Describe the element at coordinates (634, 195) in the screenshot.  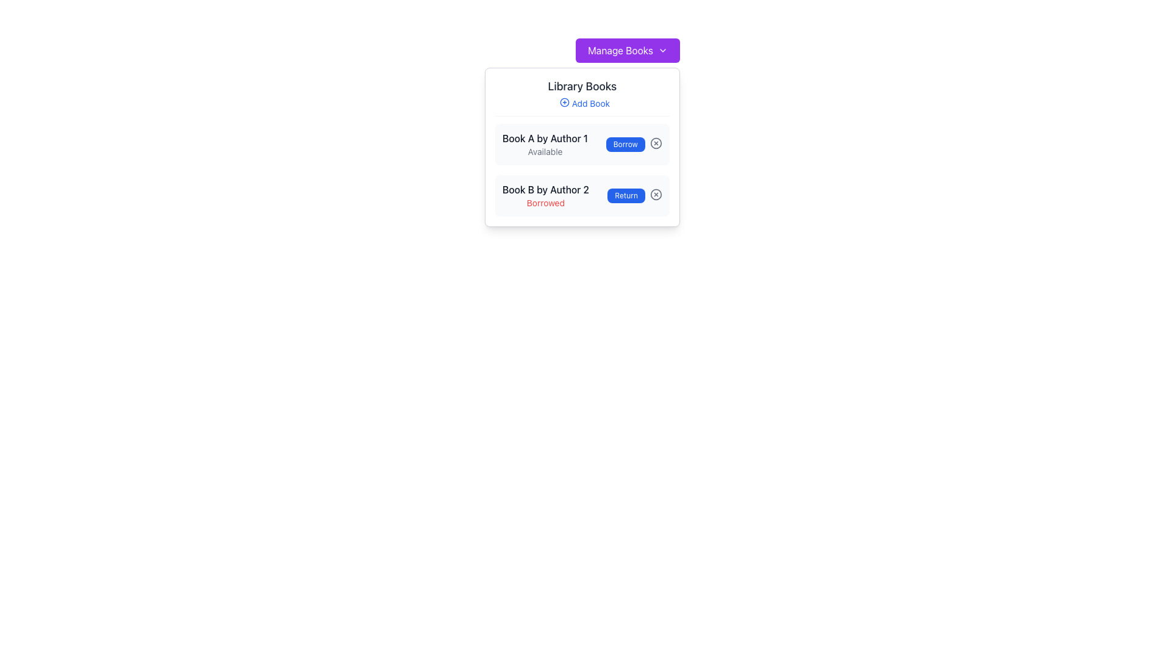
I see `the return button located in the lower card of the interface, which is the second button on the right after the 'Borrowed' label and next to a circular 'X' icon` at that location.